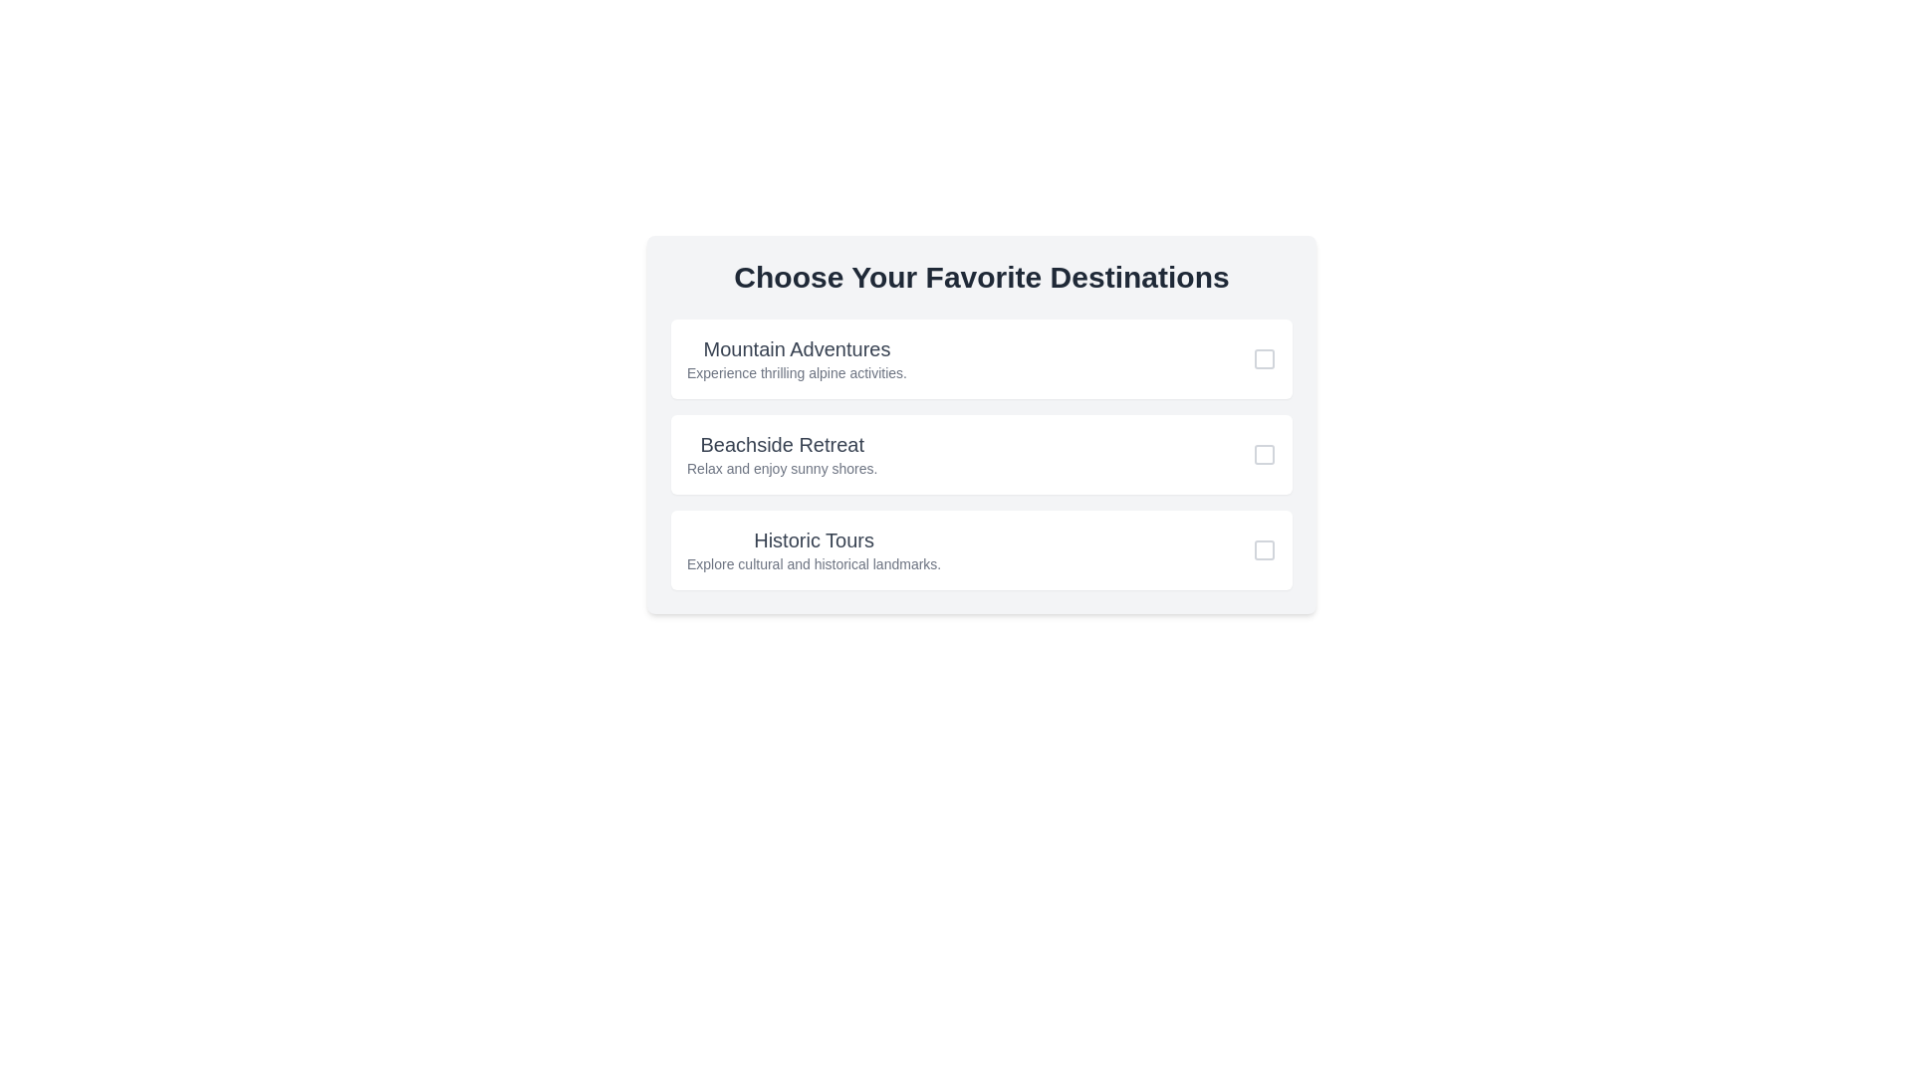  Describe the element at coordinates (797, 348) in the screenshot. I see `'Mountain Adventures' text label element, which is prominently styled in large, bold font and located above the descriptive text block in the vertical list under 'Choose Your Favorite Destinations'` at that location.